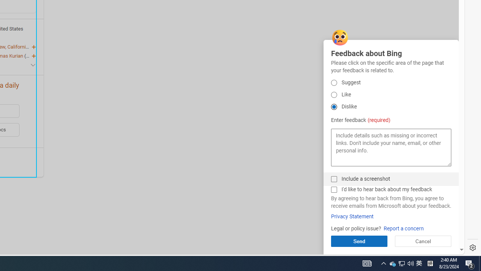 The width and height of the screenshot is (481, 271). Describe the element at coordinates (423, 241) in the screenshot. I see `'Cancel'` at that location.